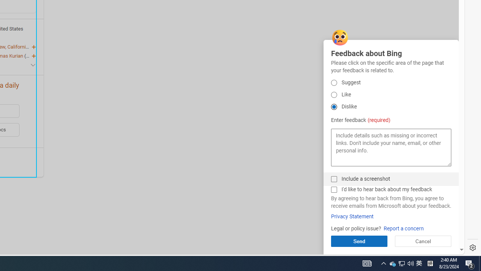 The width and height of the screenshot is (481, 271). Describe the element at coordinates (423, 241) in the screenshot. I see `'Cancel'` at that location.